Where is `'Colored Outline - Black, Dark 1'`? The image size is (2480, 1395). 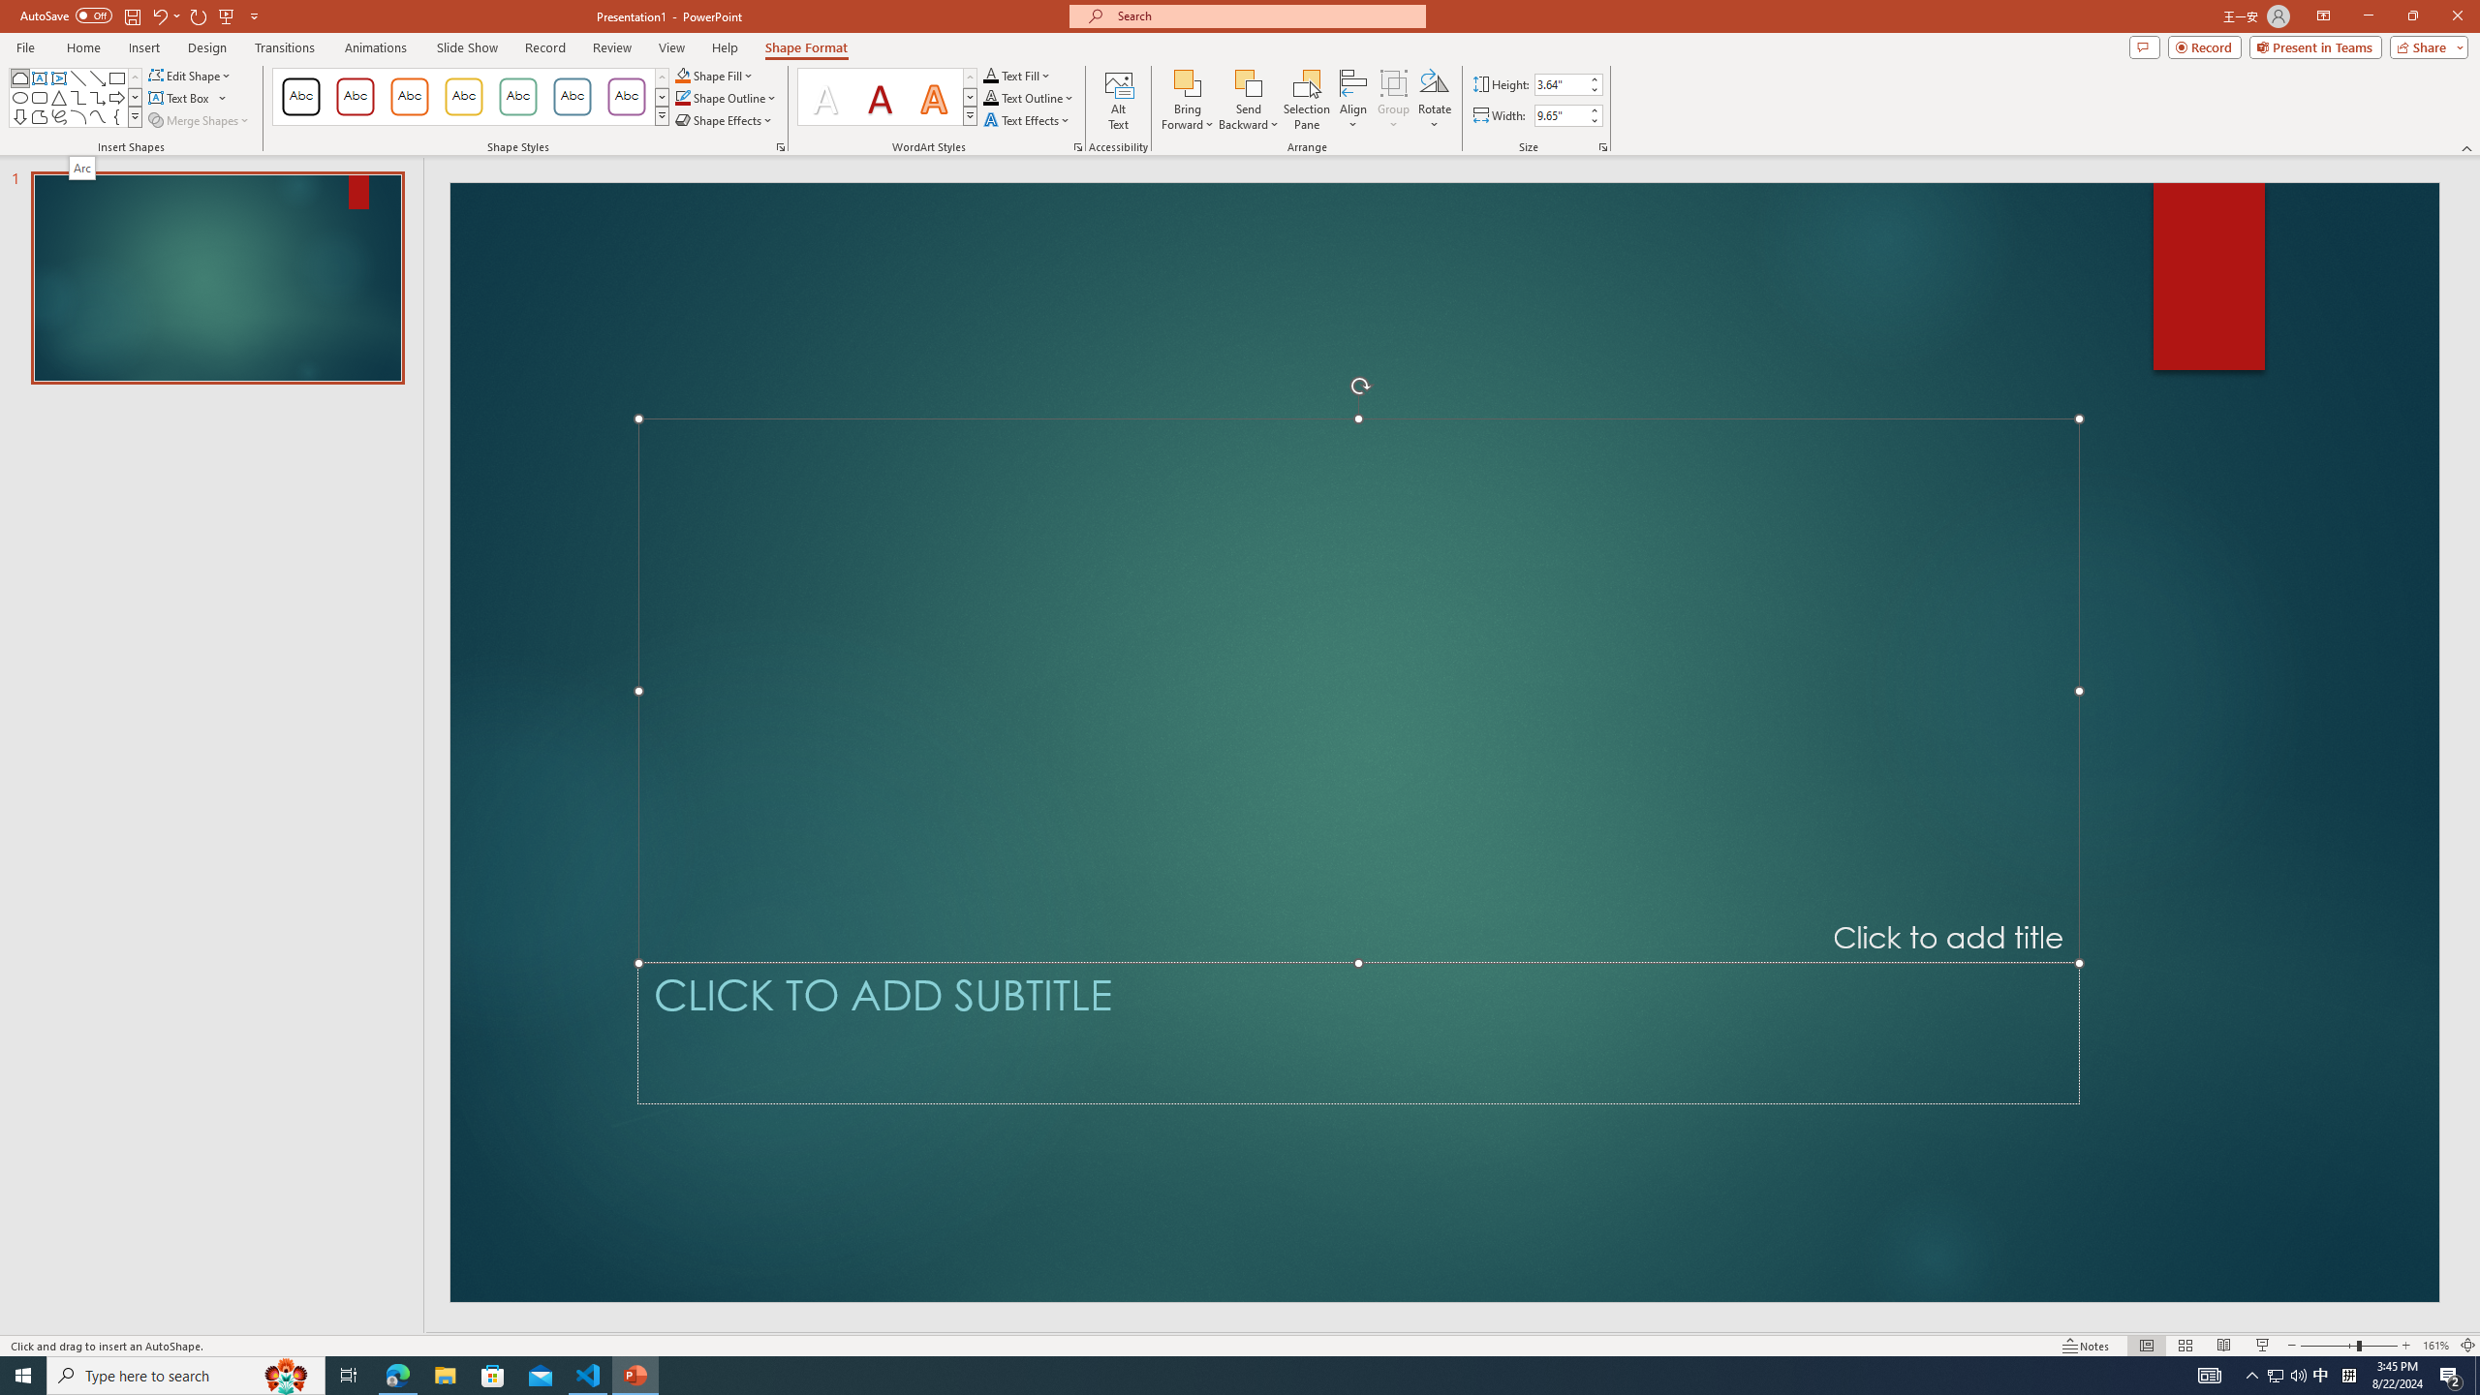 'Colored Outline - Black, Dark 1' is located at coordinates (300, 96).